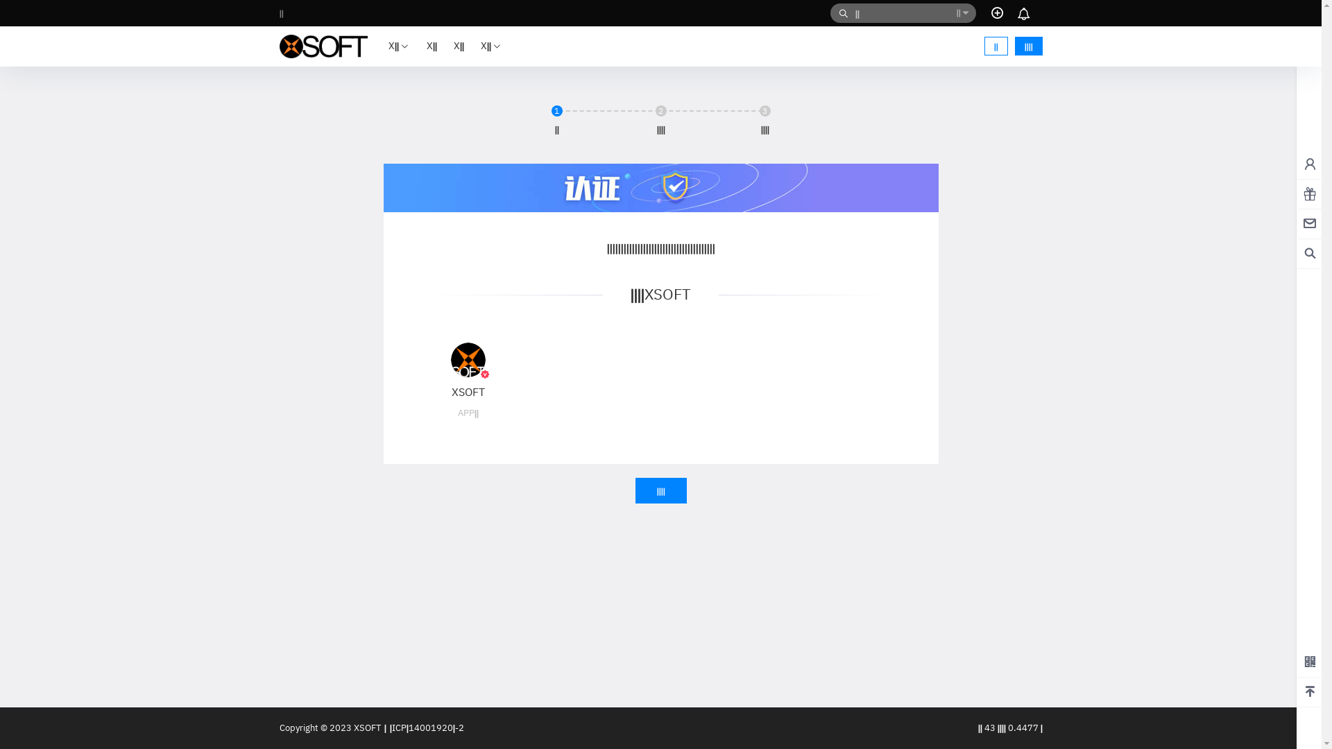  Describe the element at coordinates (452, 391) in the screenshot. I see `'XSOFT'` at that location.